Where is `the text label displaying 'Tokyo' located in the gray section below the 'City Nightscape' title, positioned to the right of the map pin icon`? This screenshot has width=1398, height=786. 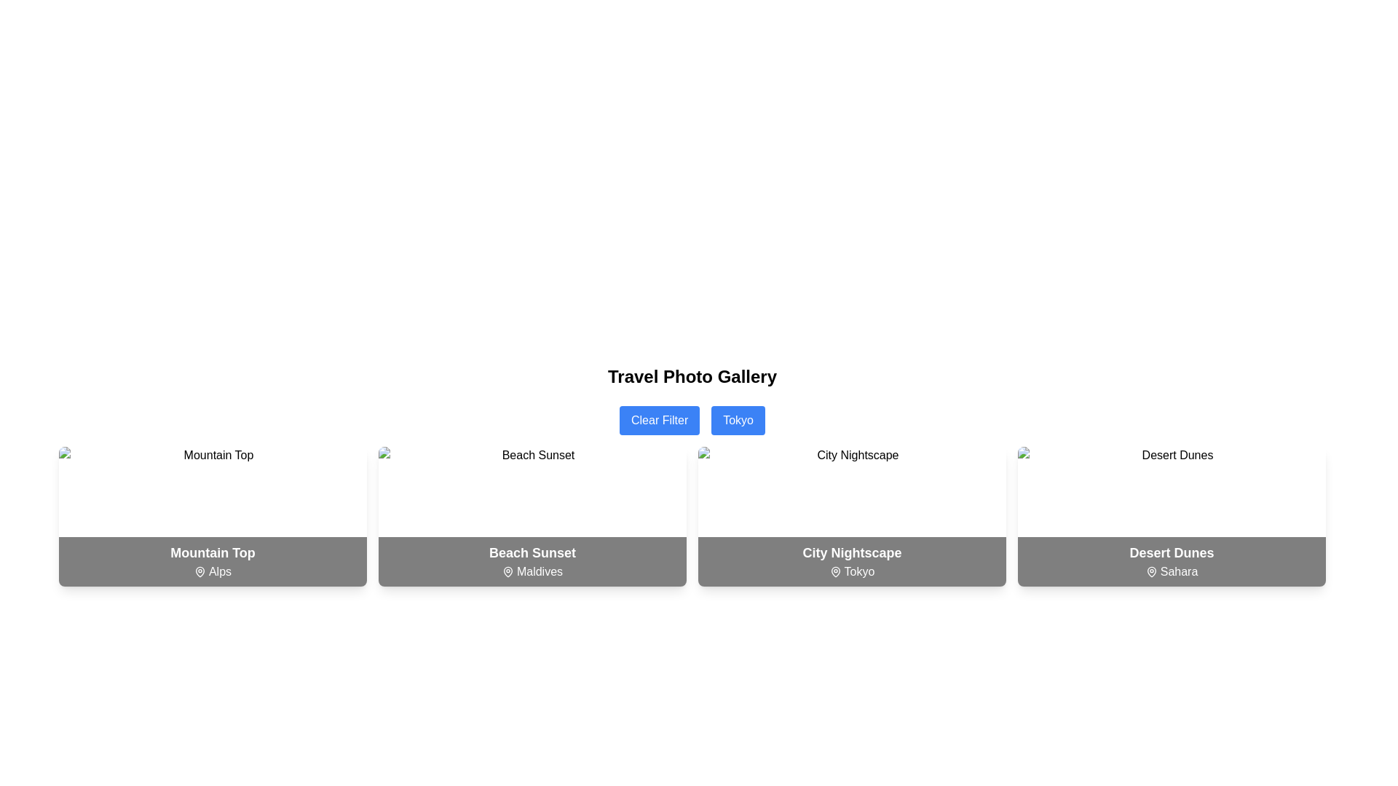
the text label displaying 'Tokyo' located in the gray section below the 'City Nightscape' title, positioned to the right of the map pin icon is located at coordinates (852, 571).